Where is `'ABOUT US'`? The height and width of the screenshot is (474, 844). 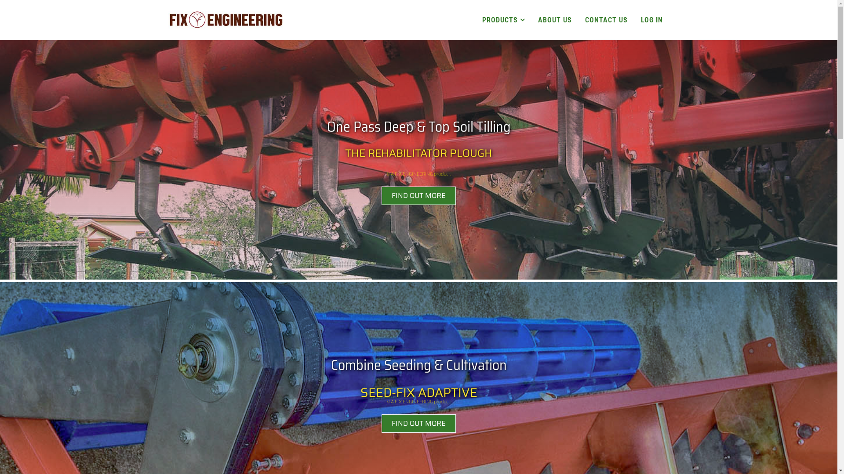 'ABOUT US' is located at coordinates (554, 20).